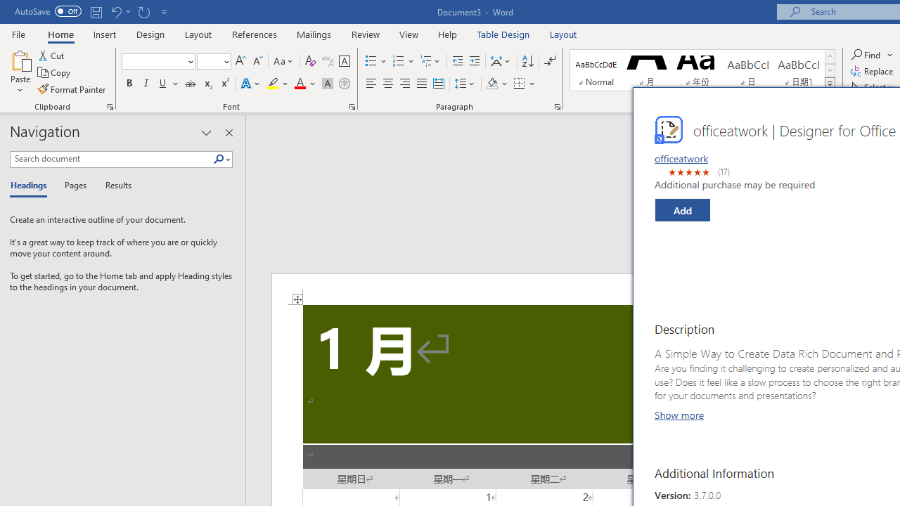 This screenshot has height=506, width=900. What do you see at coordinates (299, 84) in the screenshot?
I see `'Font Color RGB(255, 0, 0)'` at bounding box center [299, 84].